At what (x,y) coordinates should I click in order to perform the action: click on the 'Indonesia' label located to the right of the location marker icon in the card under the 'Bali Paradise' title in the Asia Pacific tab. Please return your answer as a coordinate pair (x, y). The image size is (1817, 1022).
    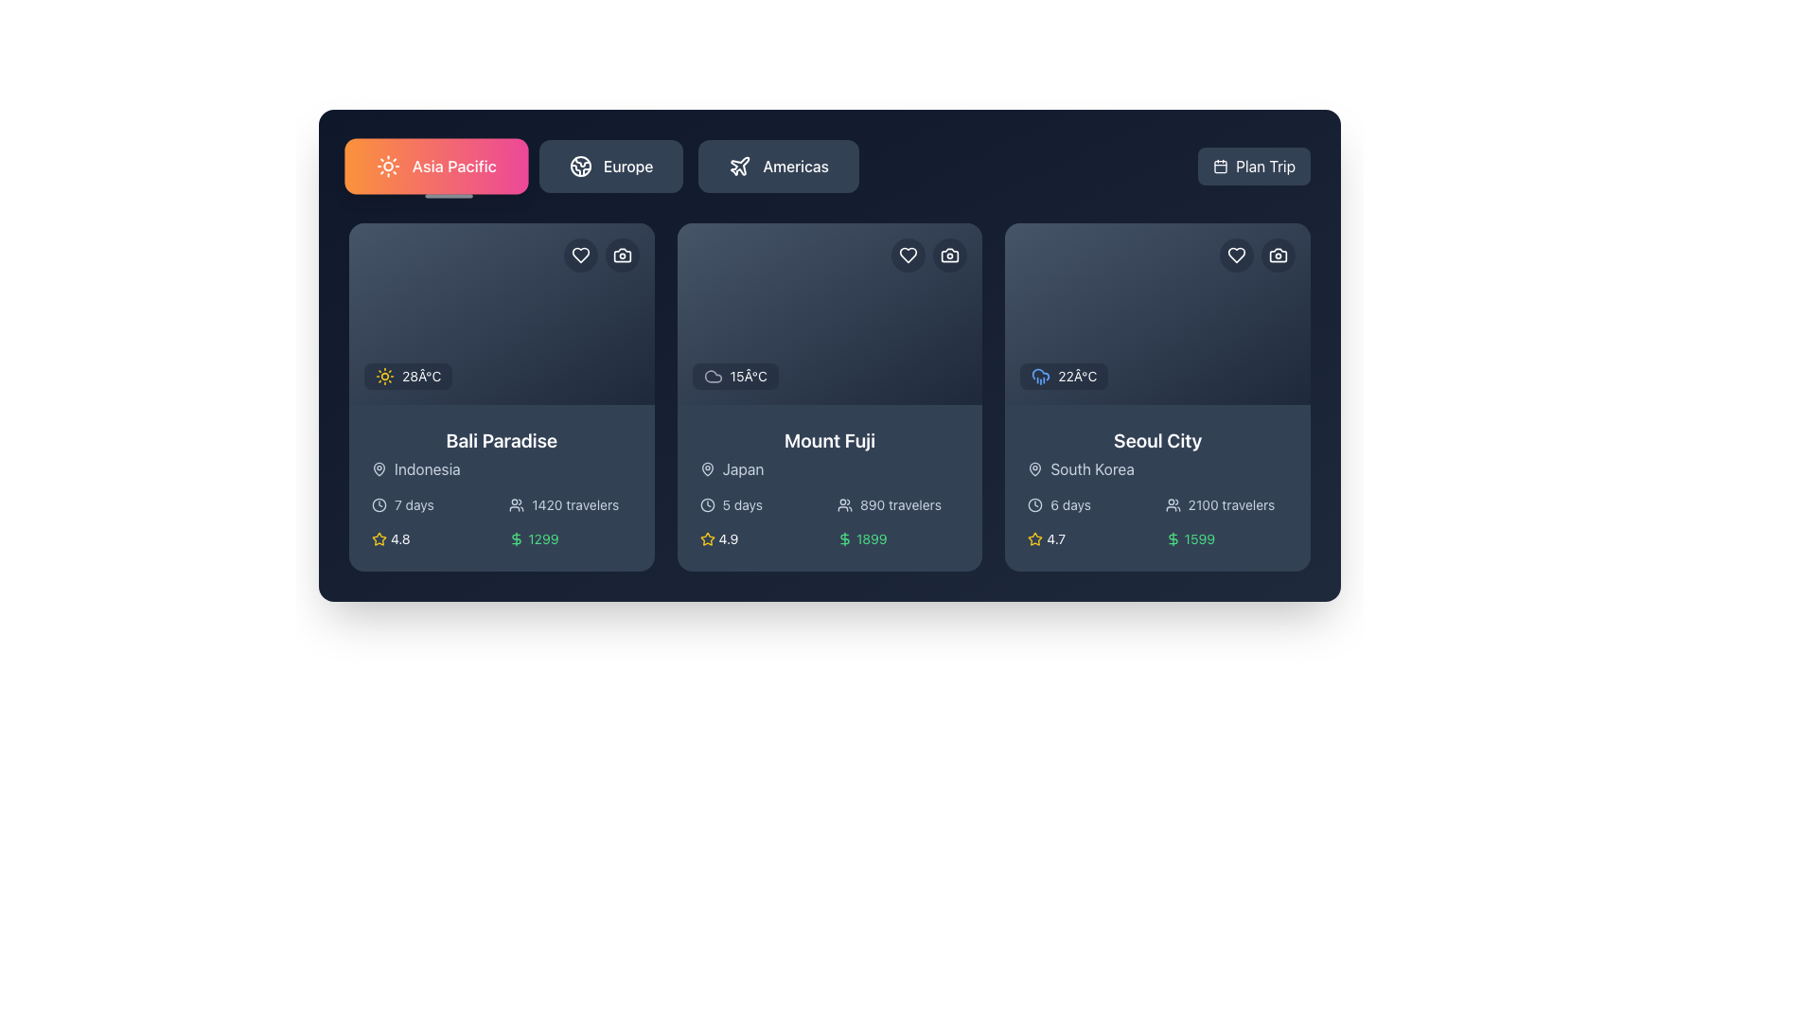
    Looking at the image, I should click on (426, 468).